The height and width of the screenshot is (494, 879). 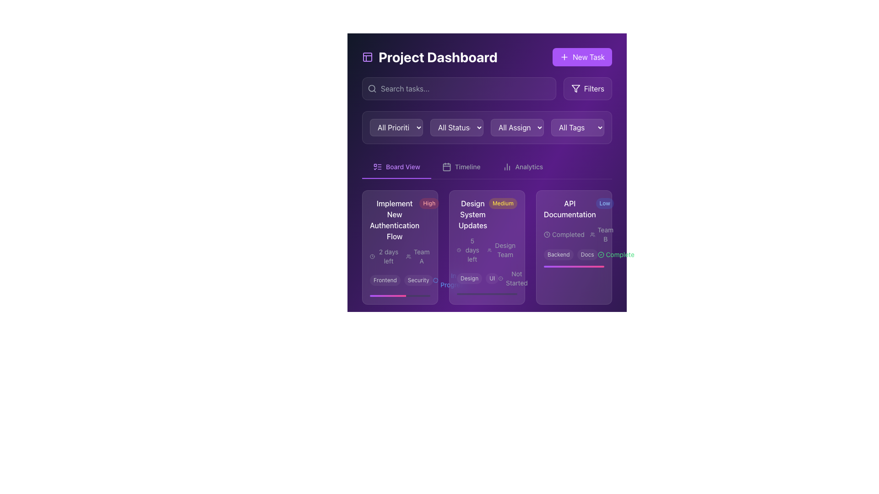 What do you see at coordinates (400, 280) in the screenshot?
I see `the 'Frontend' badge, which is a pill-shaped tag with a light gray background and white text, located within the card labeled 'Implement New Authentication Flow' in the 'Project Dashboard'` at bounding box center [400, 280].